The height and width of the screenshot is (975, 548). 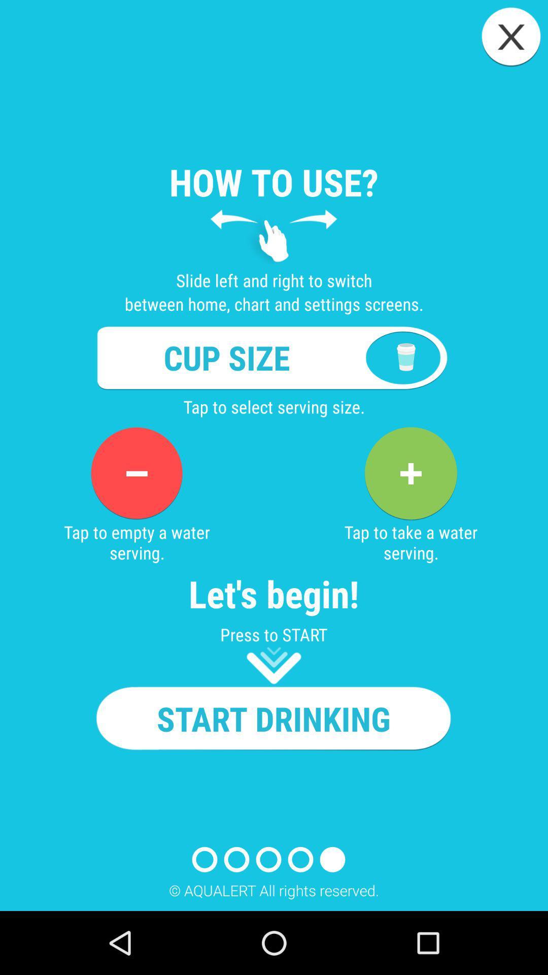 What do you see at coordinates (410, 473) in the screenshot?
I see `water serving` at bounding box center [410, 473].